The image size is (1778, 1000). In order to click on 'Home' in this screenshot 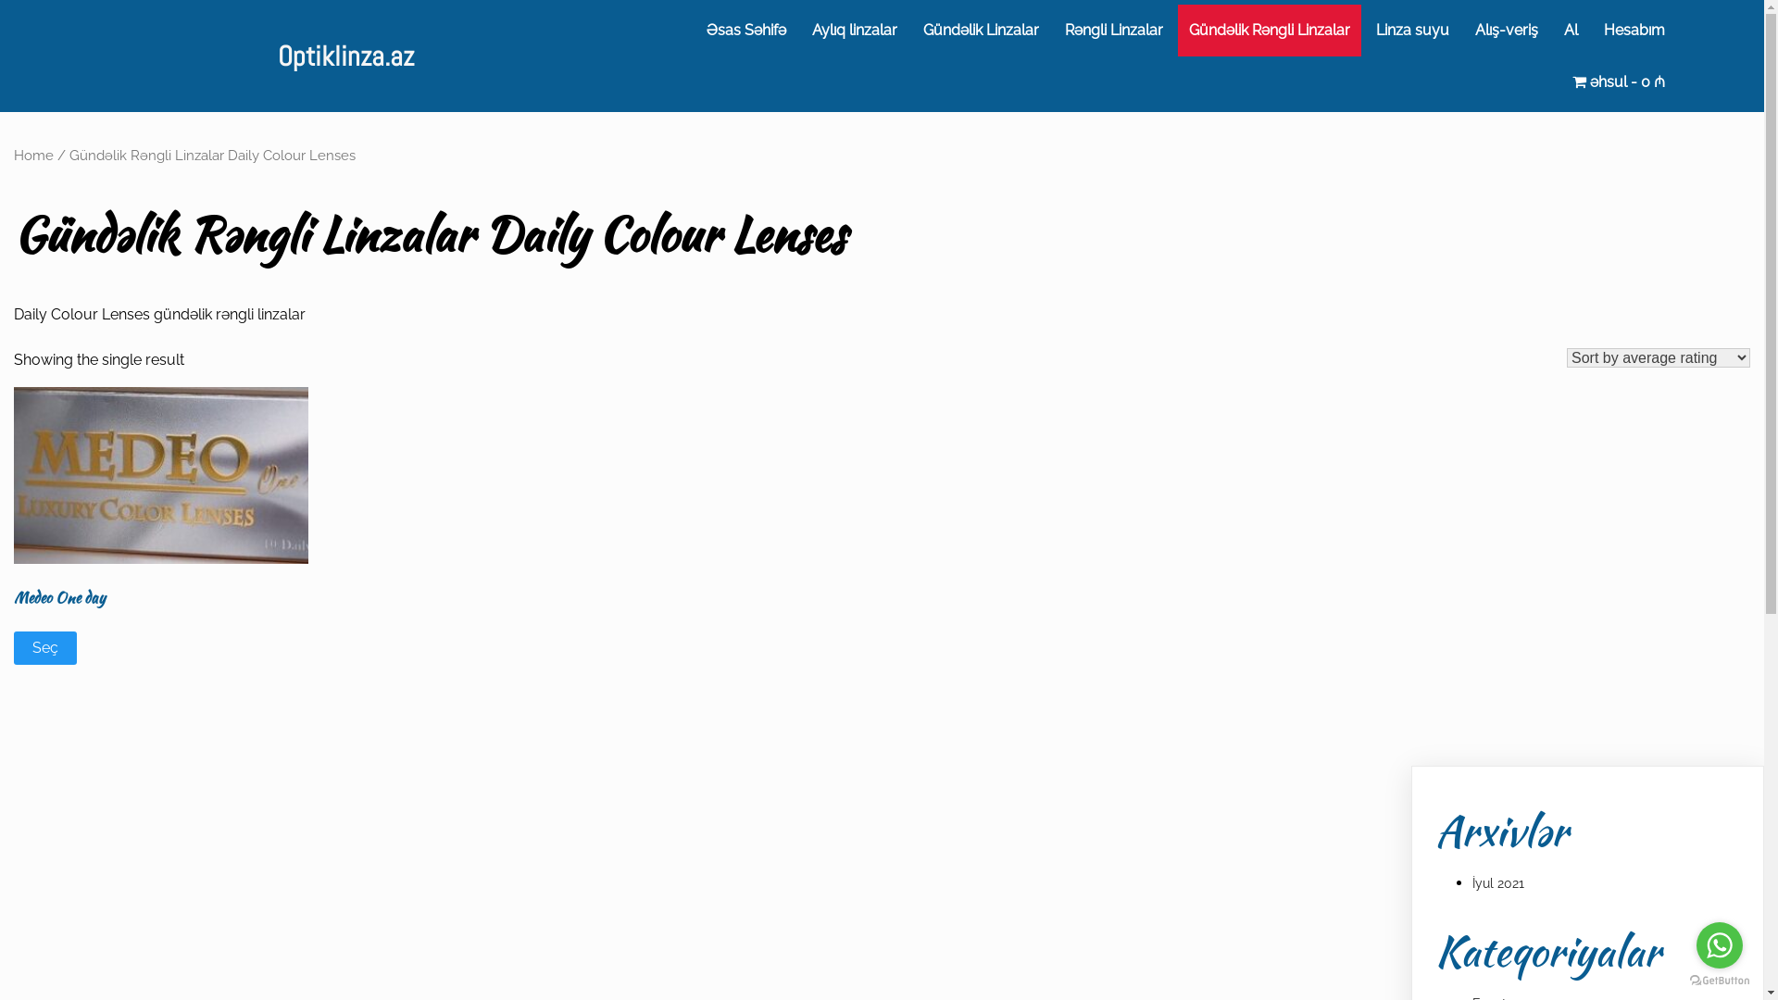, I will do `click(33, 154)`.